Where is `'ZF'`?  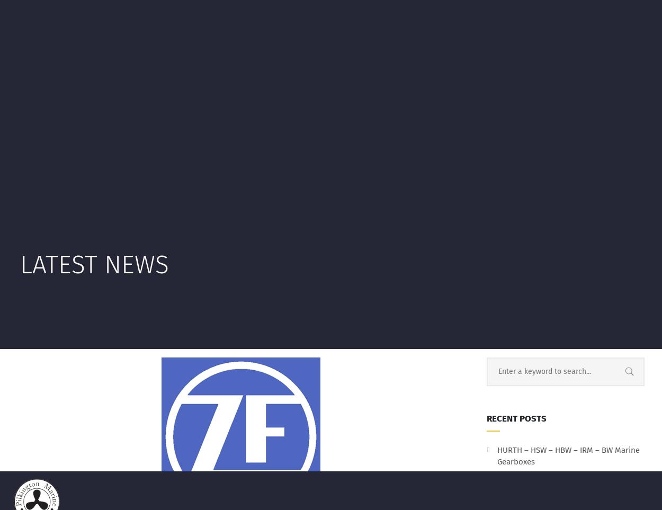
'ZF' is located at coordinates (352, 125).